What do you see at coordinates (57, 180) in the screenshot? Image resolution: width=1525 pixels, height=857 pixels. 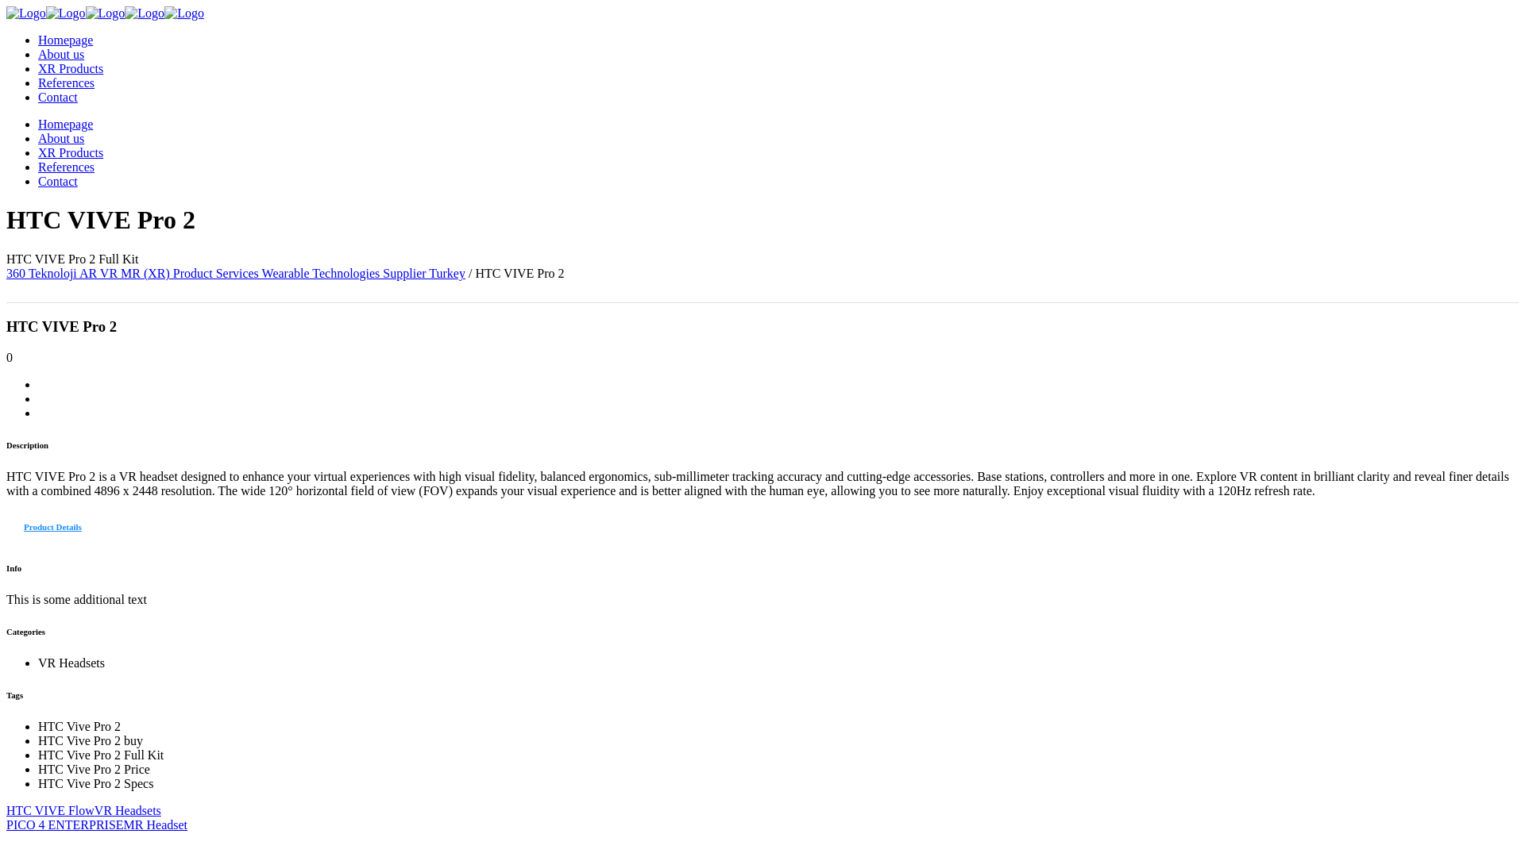 I see `'Contact'` at bounding box center [57, 180].